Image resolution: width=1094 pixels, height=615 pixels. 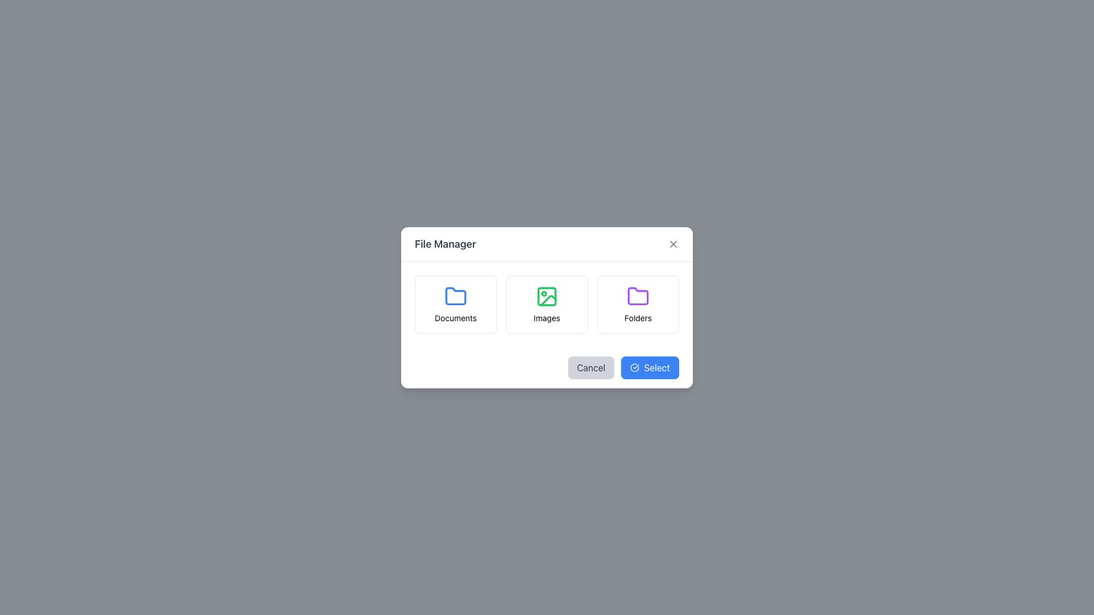 I want to click on text label 'Images' located centrally below the green image icon in the modal dialog, so click(x=547, y=318).